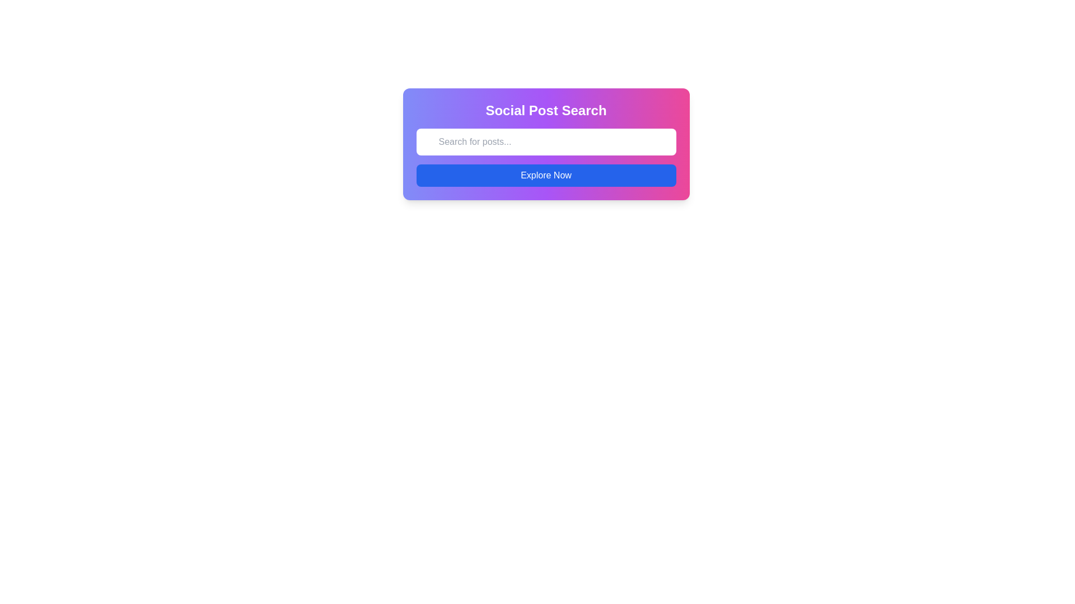 The image size is (1075, 604). What do you see at coordinates (427, 133) in the screenshot?
I see `the circular UI component representing the search functionality in the SVG graphic, located towards the left side of the input box` at bounding box center [427, 133].